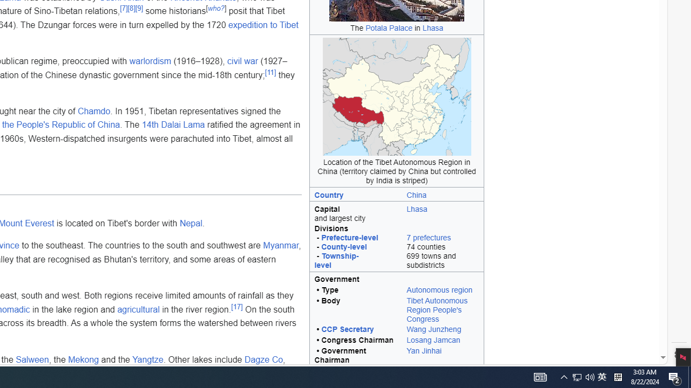 The height and width of the screenshot is (388, 691). Describe the element at coordinates (356, 212) in the screenshot. I see `'Capital and largest city'` at that location.